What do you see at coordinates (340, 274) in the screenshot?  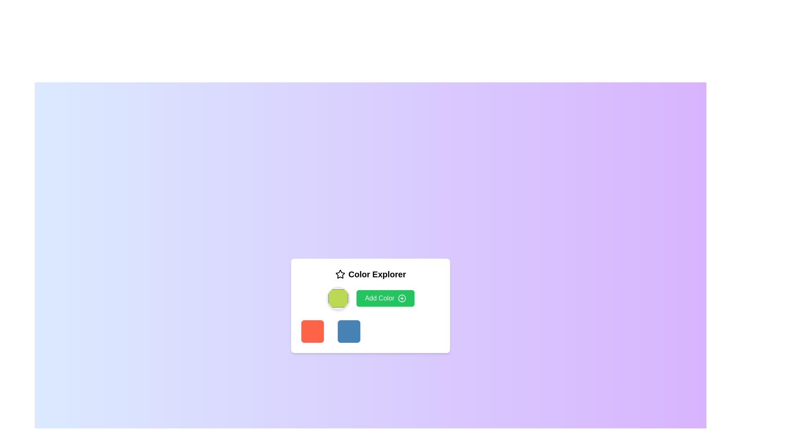 I see `the star-shaped icon with a black stroke, positioned to the left of the 'Color Explorer' text` at bounding box center [340, 274].